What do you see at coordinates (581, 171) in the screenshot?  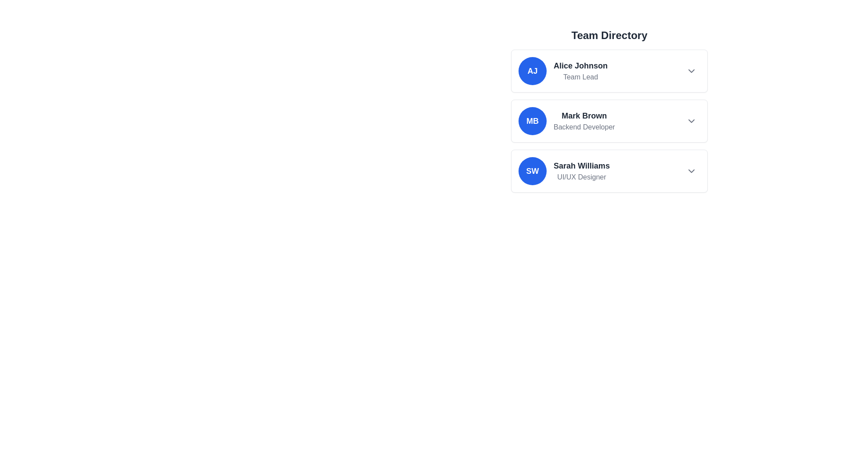 I see `the Text Label displaying 'Sarah Williams' and 'UI/UX Designer' in the third profile entry of the 'Team Directory', which is centrally aligned with a blue circular avatar` at bounding box center [581, 171].